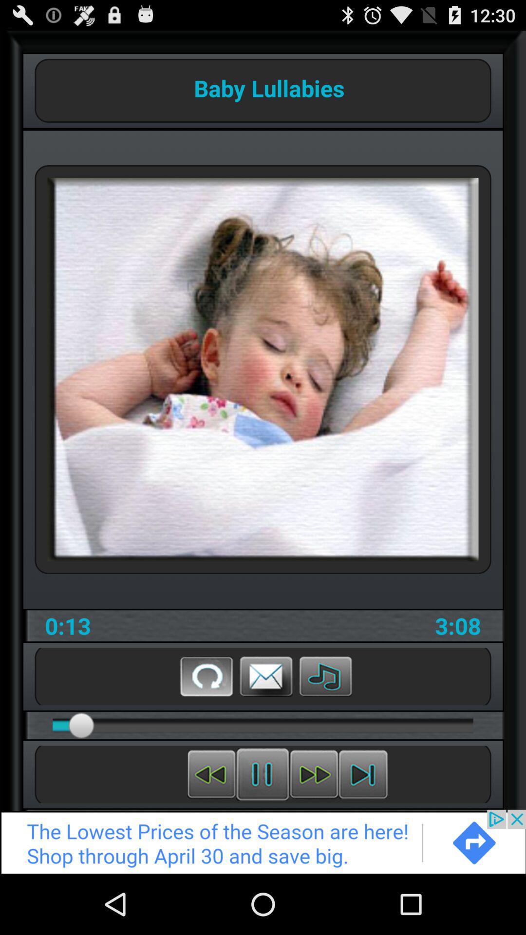 The image size is (526, 935). Describe the element at coordinates (206, 724) in the screenshot. I see `the refresh icon` at that location.